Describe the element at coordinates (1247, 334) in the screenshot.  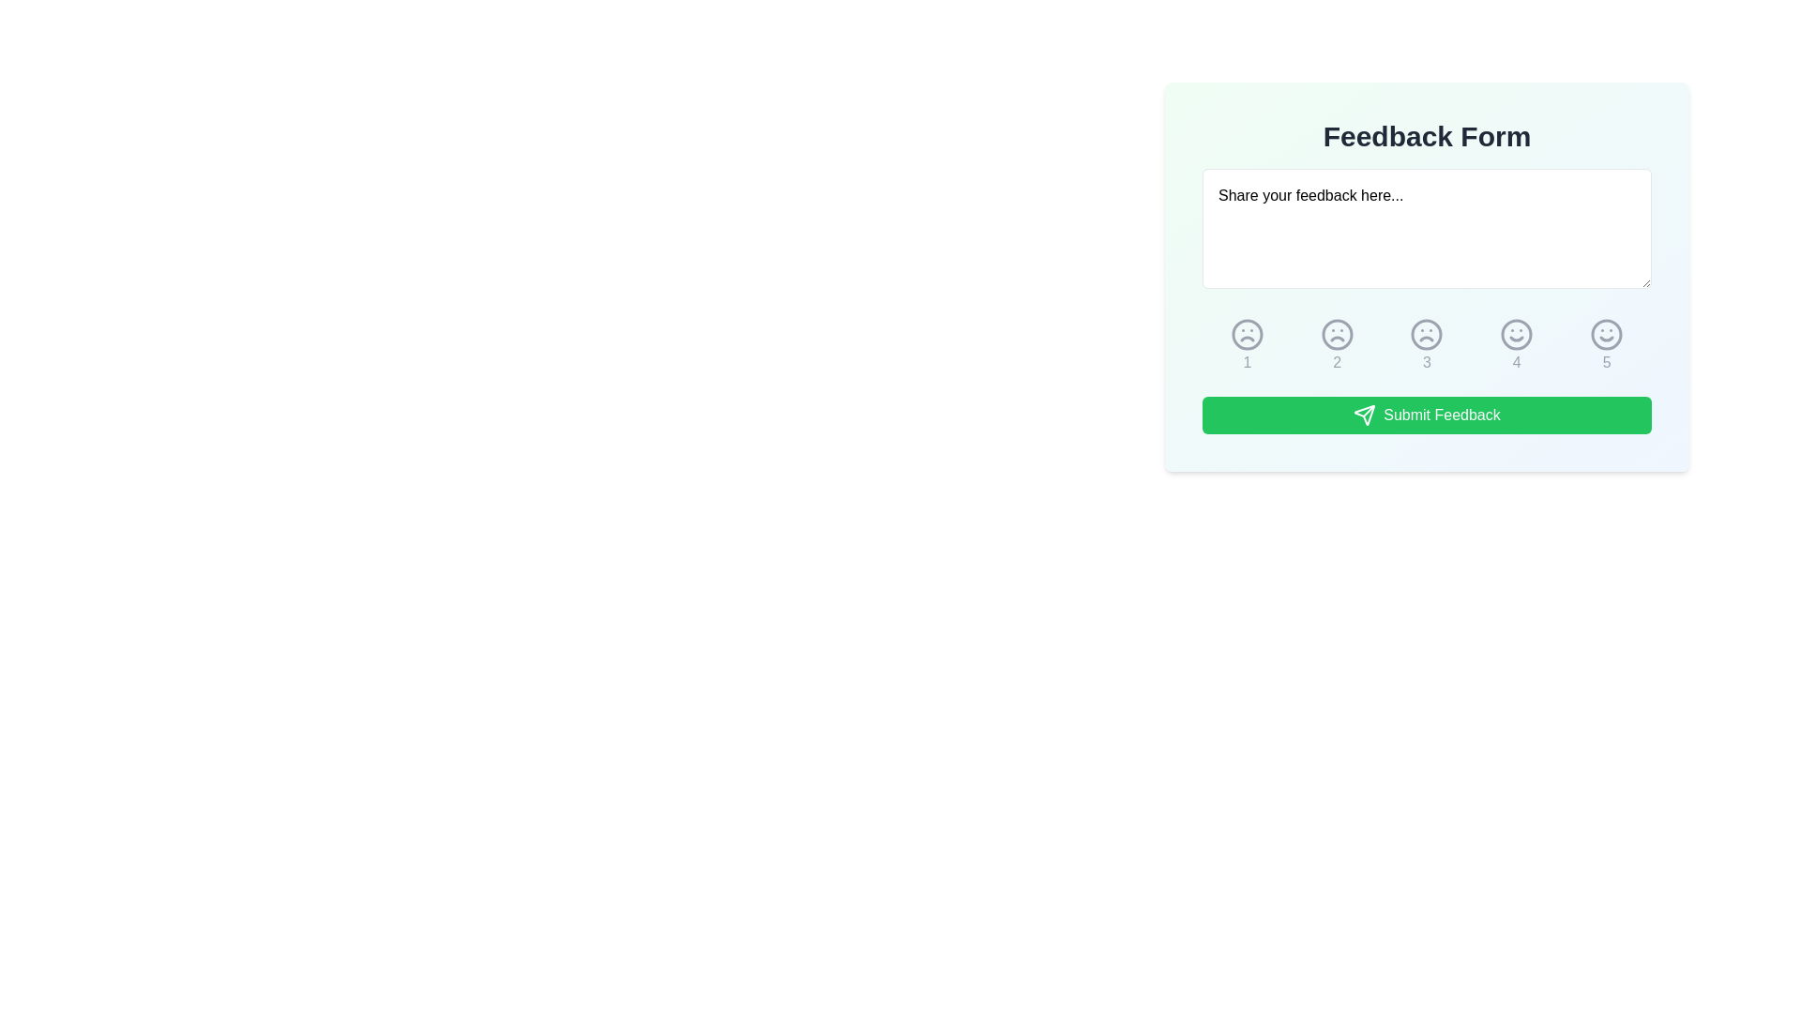
I see `the Rating icon, which is a circular icon with a gray outline featuring a frowning face, located below the text input field in the feedback form` at that location.